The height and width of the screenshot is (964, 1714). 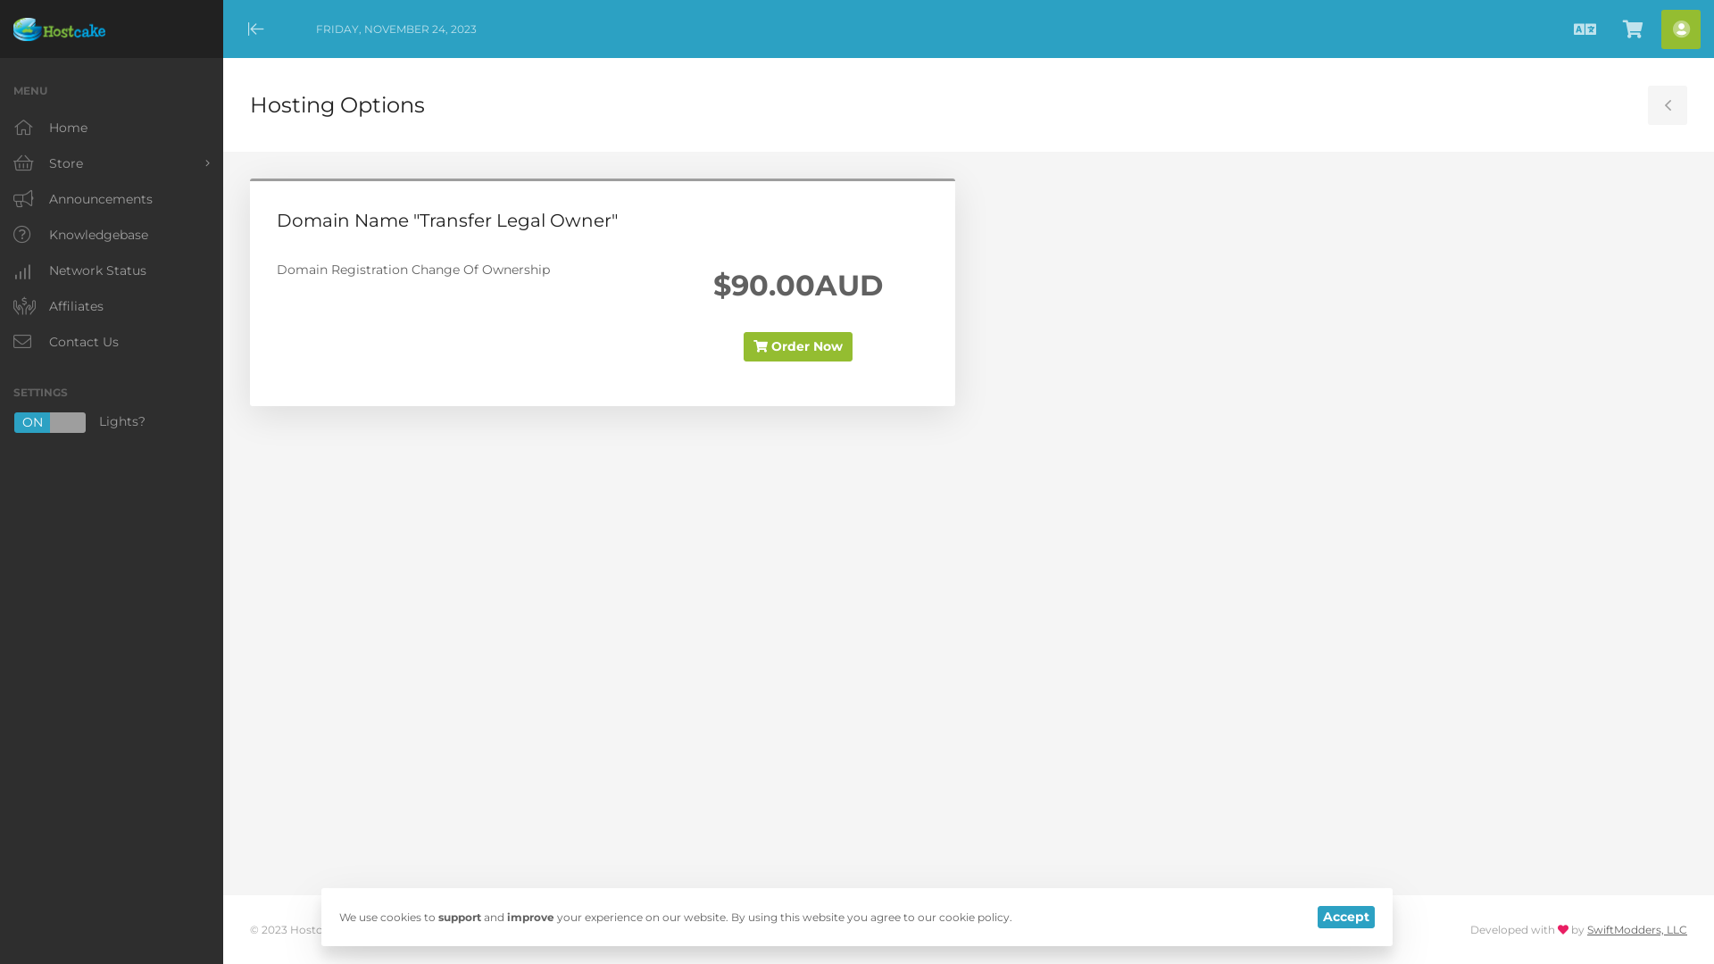 I want to click on 'English', so click(x=1585, y=28).